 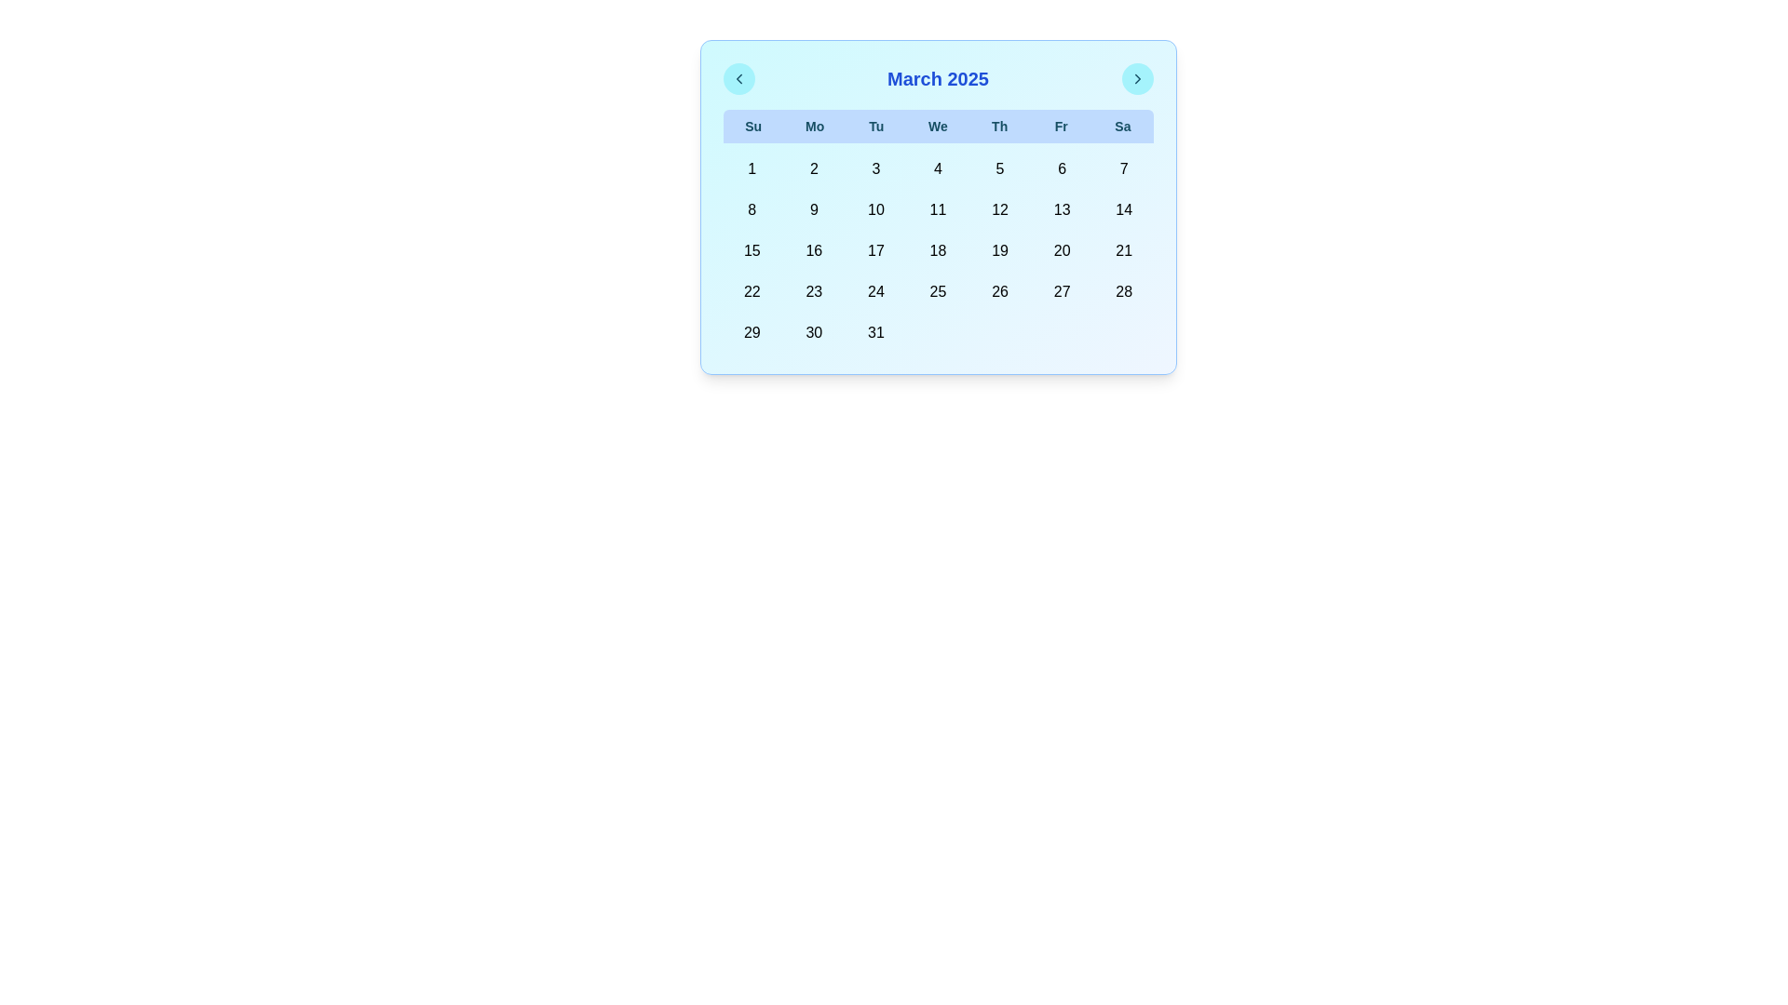 I want to click on the button displaying the number '15' in the calendar for March 2025, so click(x=752, y=251).